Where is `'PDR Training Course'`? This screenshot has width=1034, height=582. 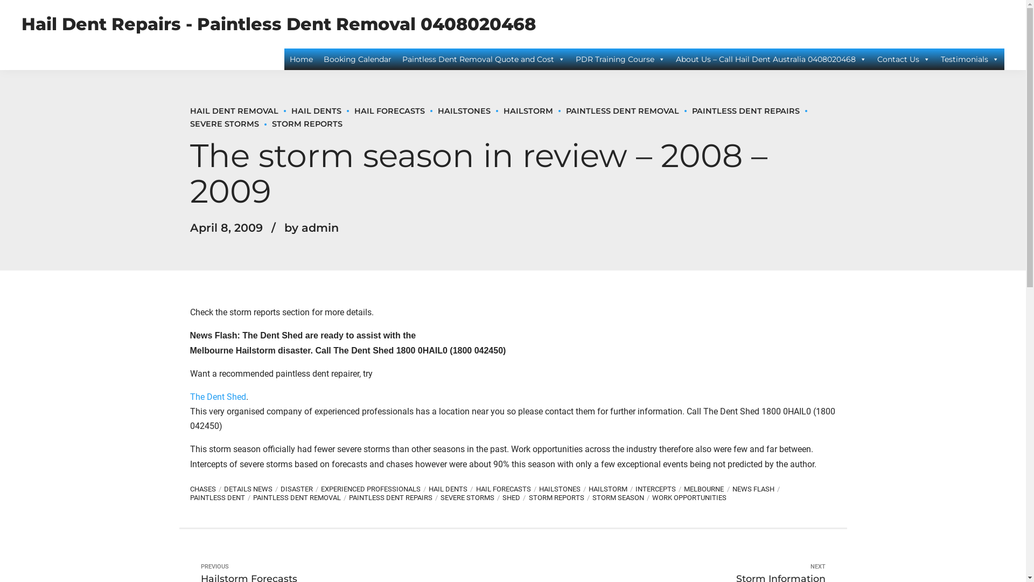 'PDR Training Course' is located at coordinates (620, 59).